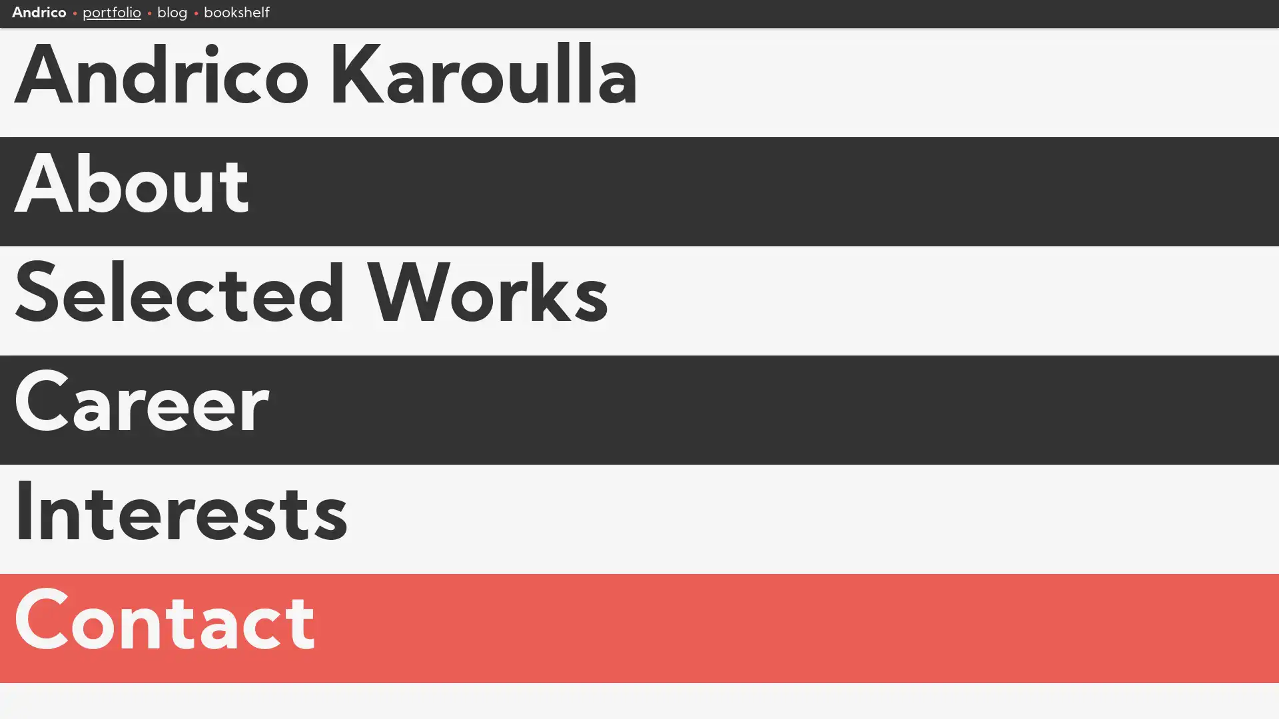  What do you see at coordinates (597, 300) in the screenshot?
I see `Selected Works` at bounding box center [597, 300].